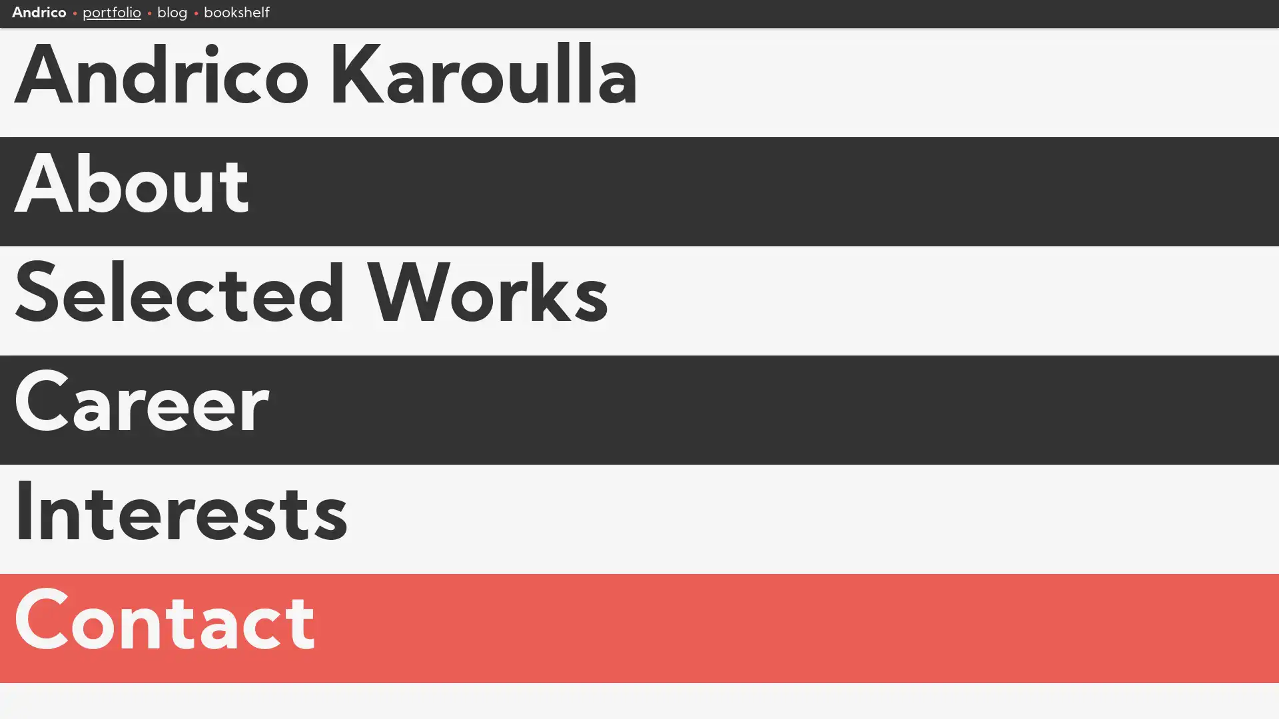  What do you see at coordinates (597, 300) in the screenshot?
I see `Selected Works` at bounding box center [597, 300].